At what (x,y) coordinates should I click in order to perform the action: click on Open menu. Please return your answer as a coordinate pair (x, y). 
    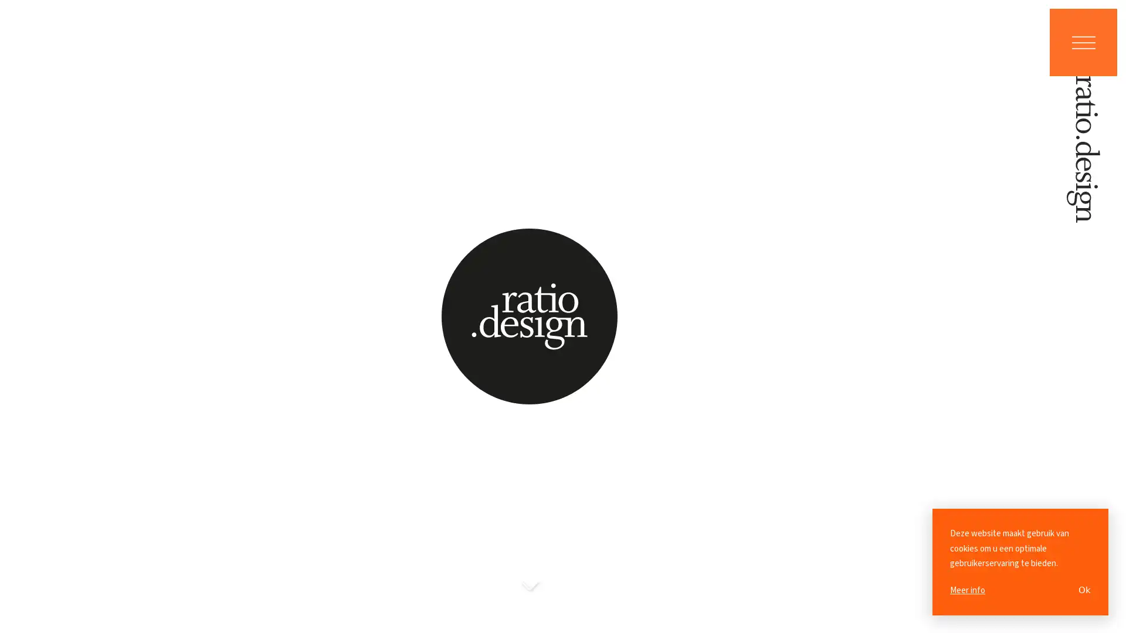
    Looking at the image, I should click on (1083, 42).